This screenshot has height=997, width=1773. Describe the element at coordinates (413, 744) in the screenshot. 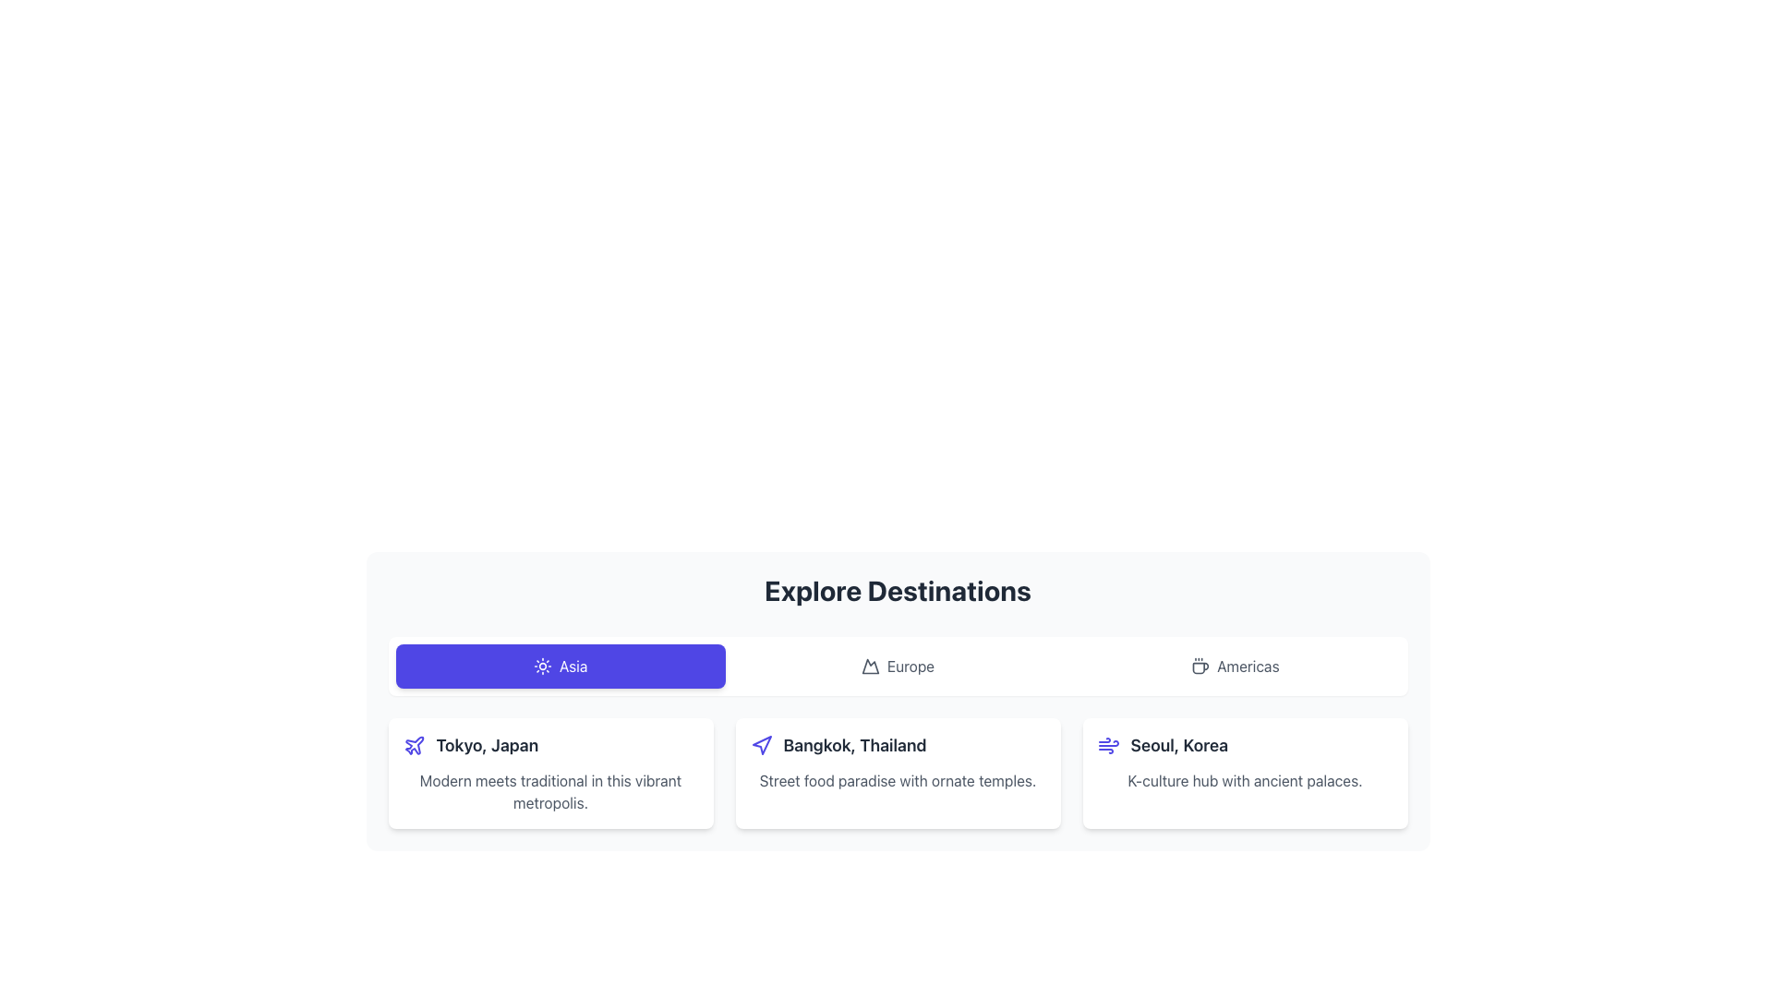

I see `the indigo airplane icon located to the left of the text 'Tokyo, Japan', which features a modern and minimalistic design` at that location.